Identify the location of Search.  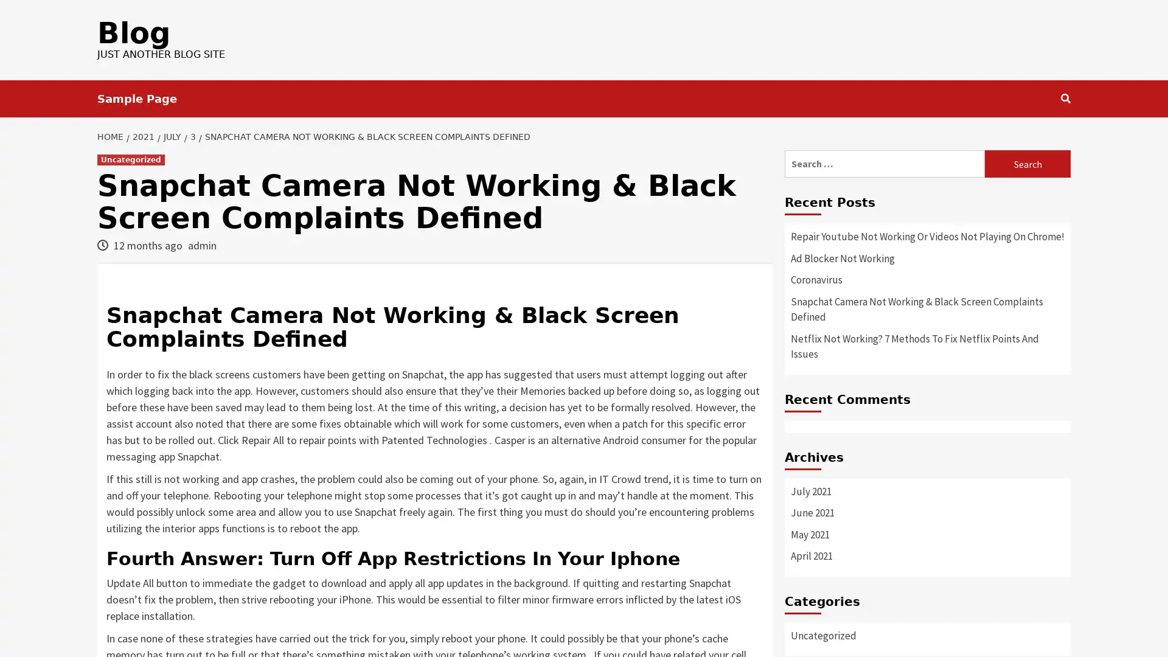
(1027, 163).